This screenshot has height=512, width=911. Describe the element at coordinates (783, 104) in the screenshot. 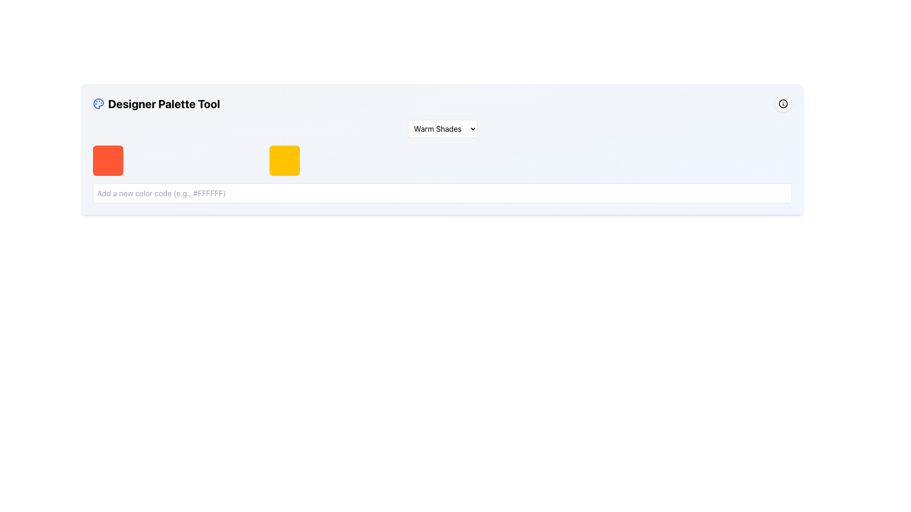

I see `the circular icon button with a light-gray background and a black border, which features a small black 'i' symbol inside` at that location.